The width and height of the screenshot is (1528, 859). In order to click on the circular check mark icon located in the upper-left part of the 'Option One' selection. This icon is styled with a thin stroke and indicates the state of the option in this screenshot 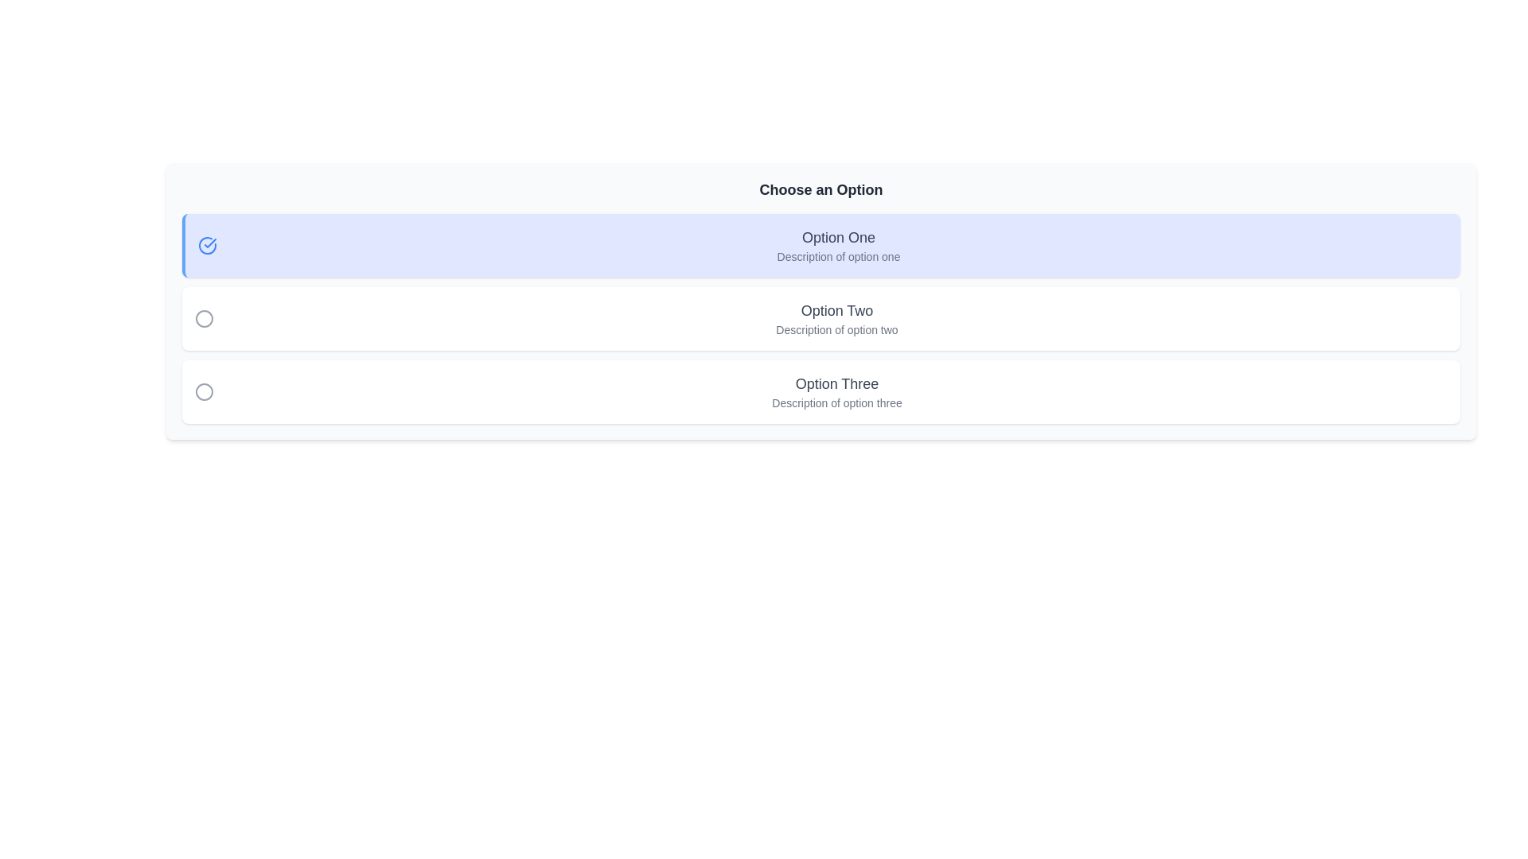, I will do `click(206, 245)`.